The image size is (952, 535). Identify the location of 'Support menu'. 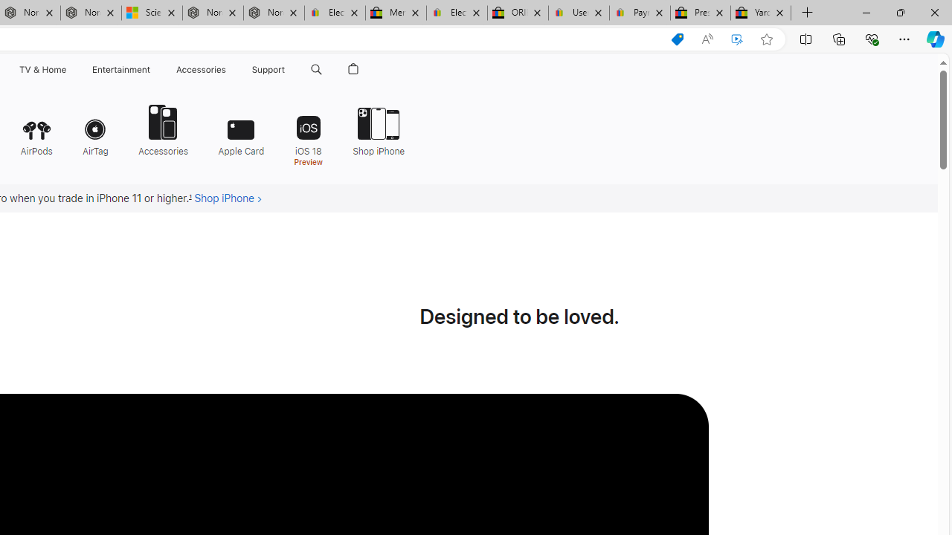
(288, 69).